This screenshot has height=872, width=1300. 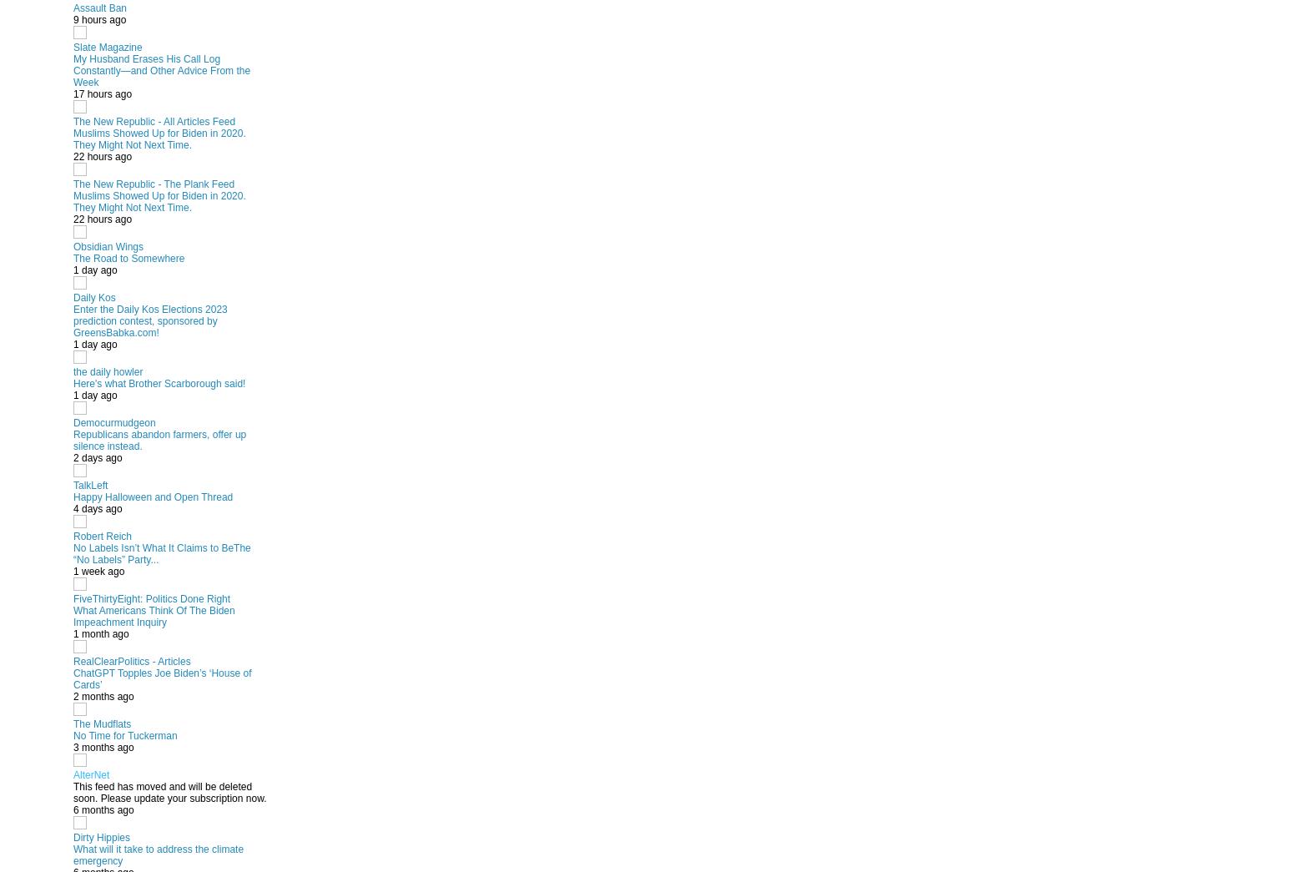 I want to click on 'No Time for Tuckerman', so click(x=124, y=735).